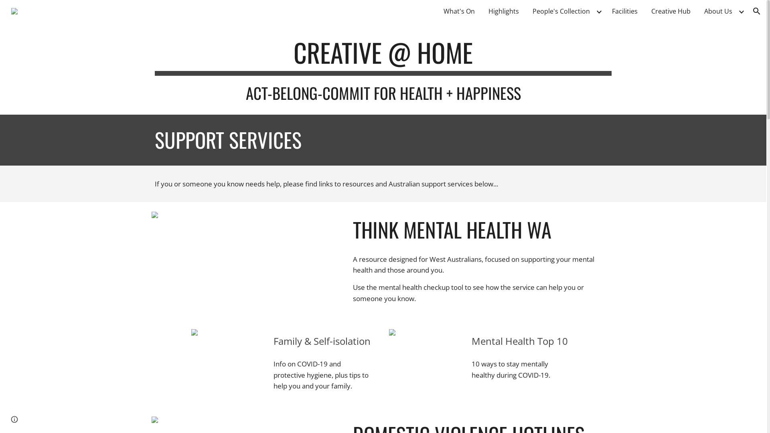 The height and width of the screenshot is (433, 770). What do you see at coordinates (503, 11) in the screenshot?
I see `'Highlights'` at bounding box center [503, 11].